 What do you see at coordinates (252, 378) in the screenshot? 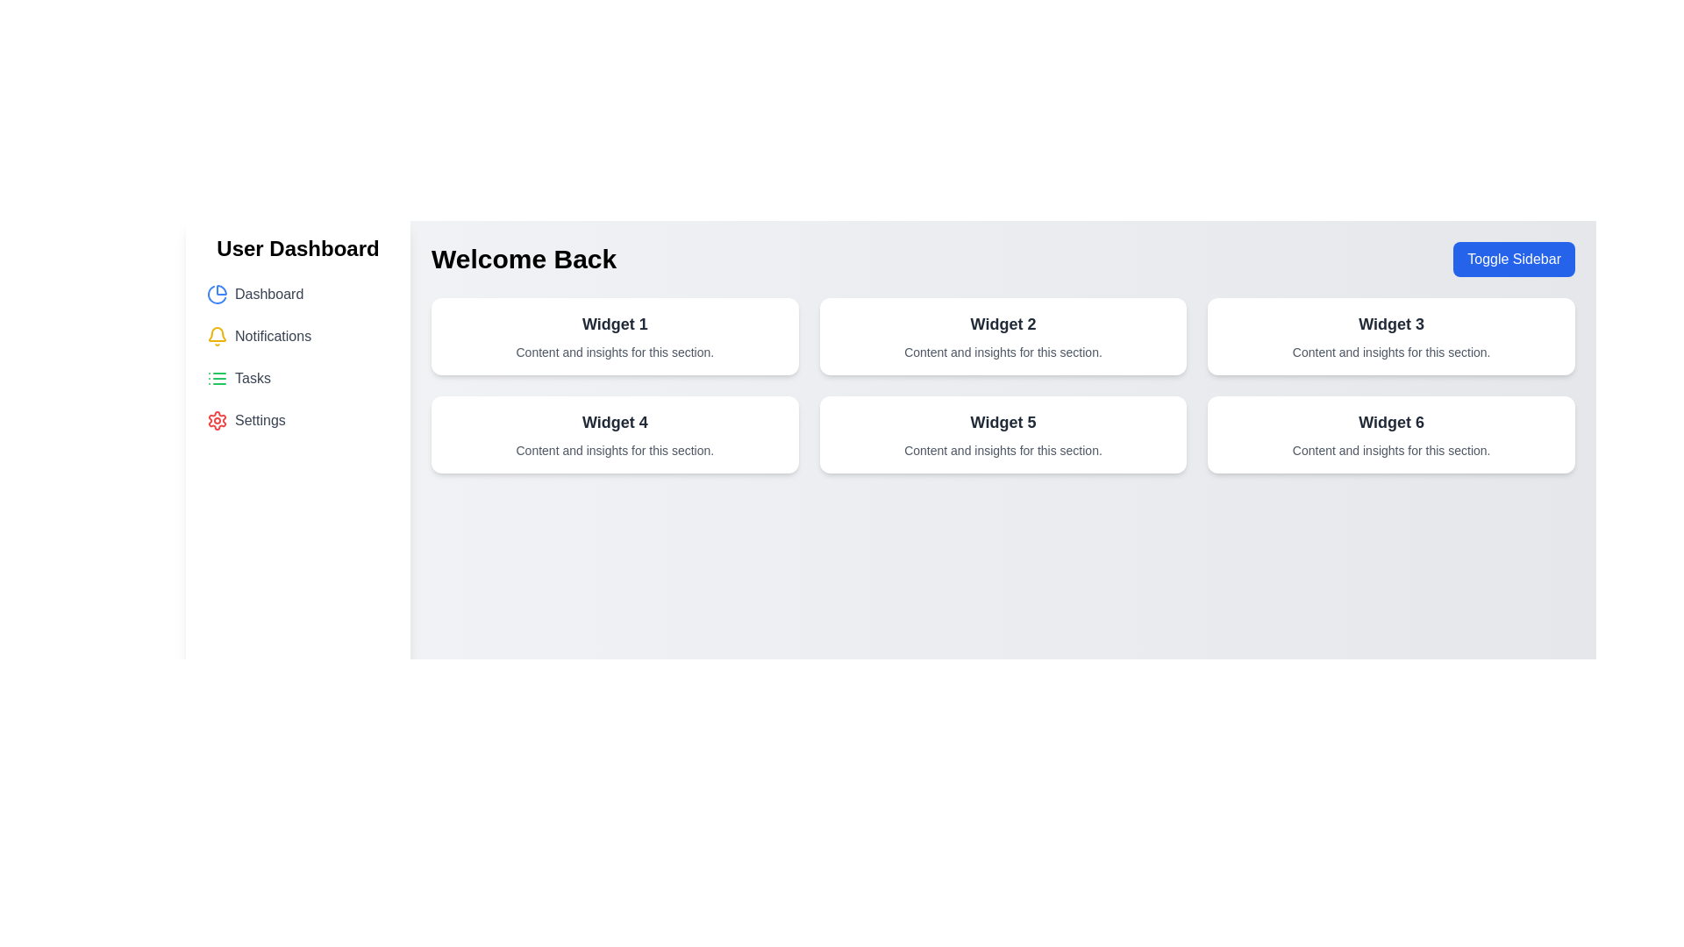
I see `the 'Tasks' text label in the sidebar` at bounding box center [252, 378].